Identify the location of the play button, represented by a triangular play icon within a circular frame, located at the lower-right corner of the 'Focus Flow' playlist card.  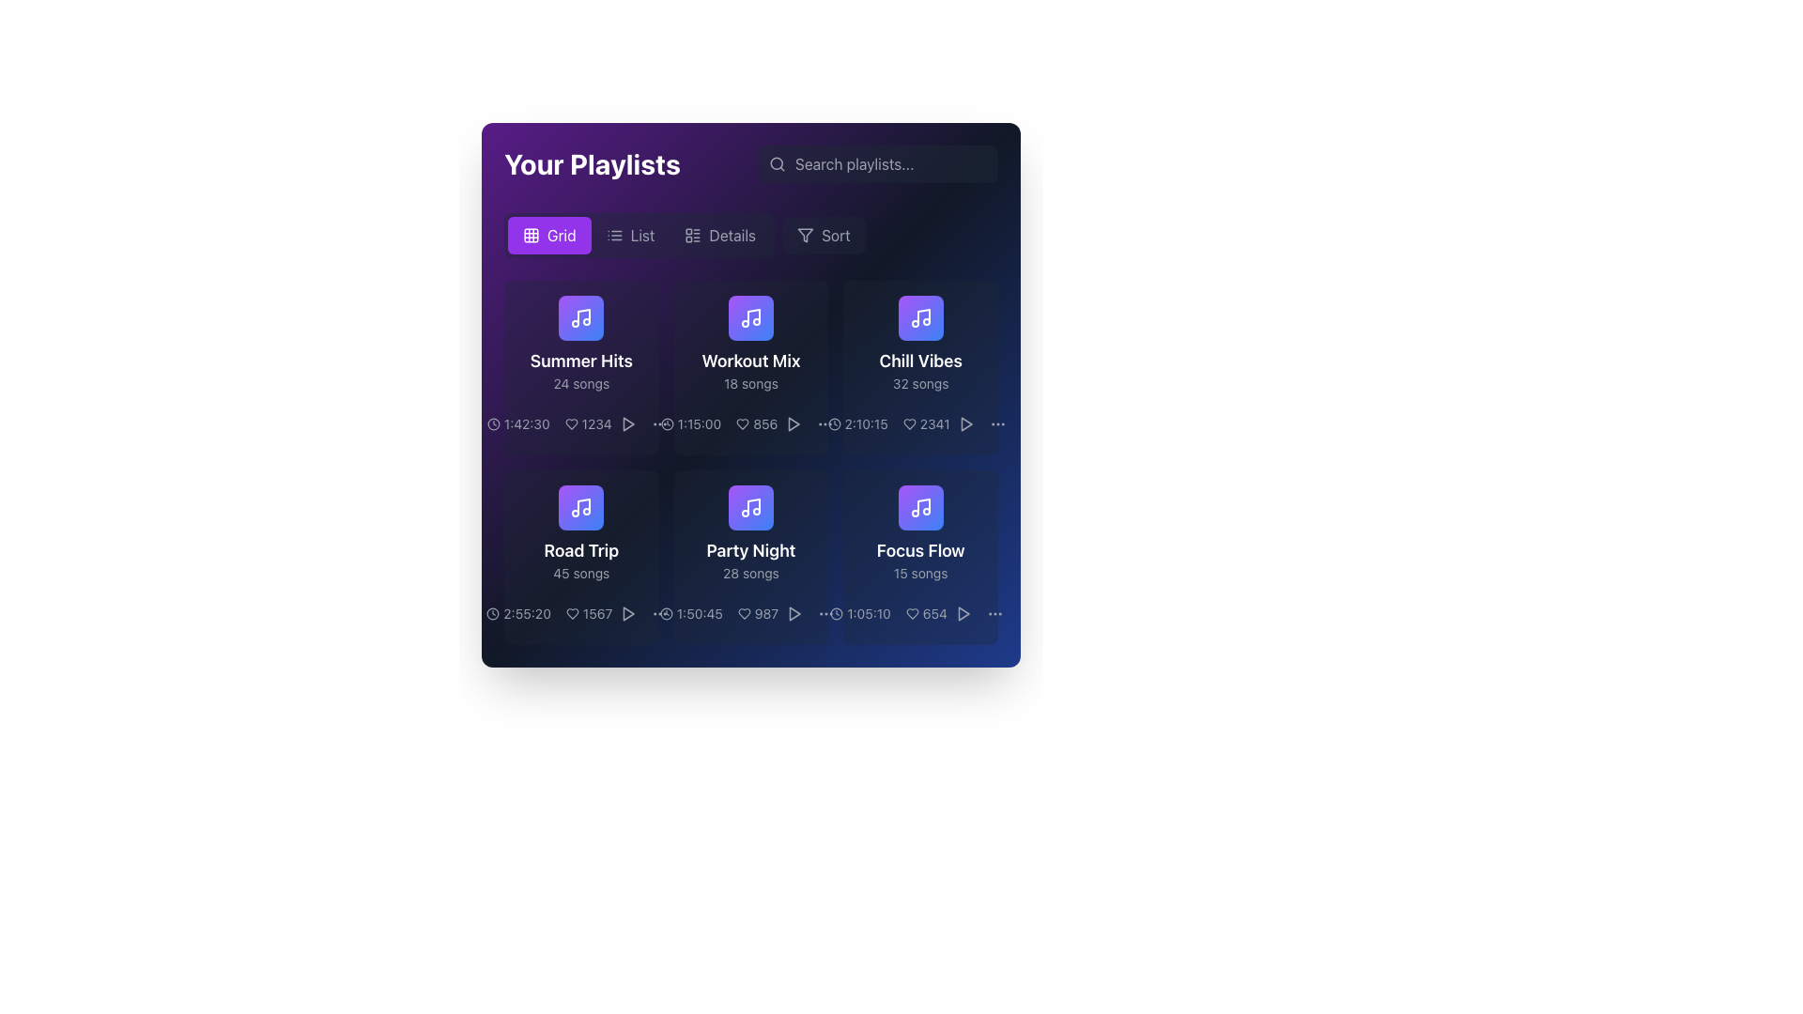
(963, 614).